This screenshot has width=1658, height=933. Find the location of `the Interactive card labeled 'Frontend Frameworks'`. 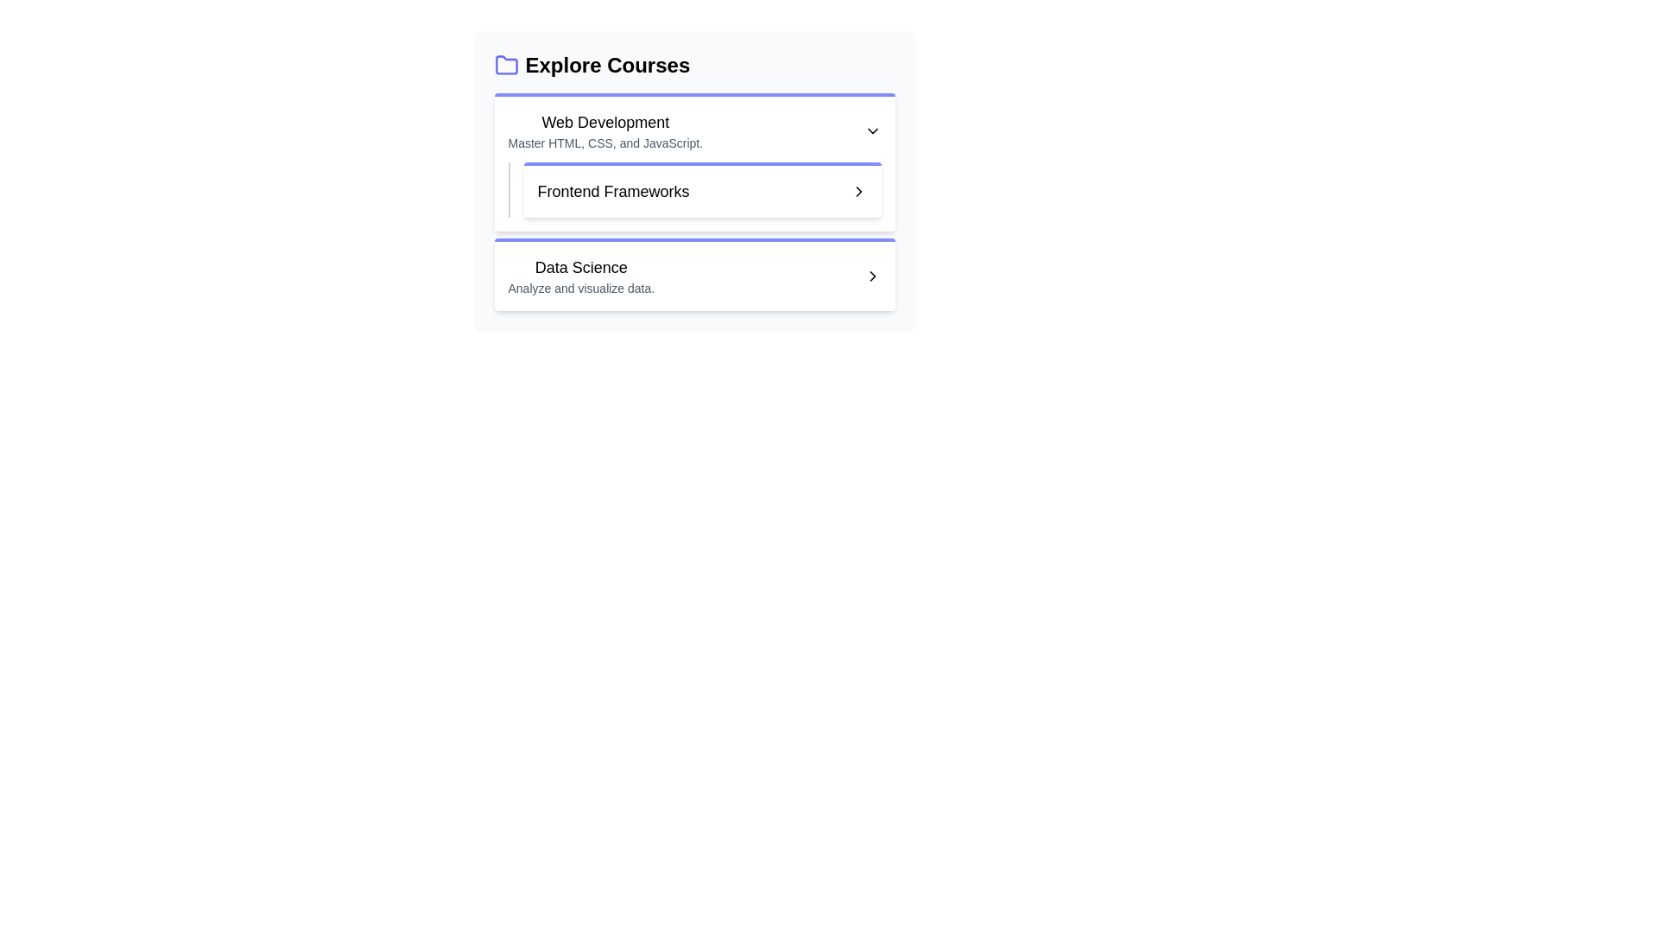

the Interactive card labeled 'Frontend Frameworks' is located at coordinates (694, 181).